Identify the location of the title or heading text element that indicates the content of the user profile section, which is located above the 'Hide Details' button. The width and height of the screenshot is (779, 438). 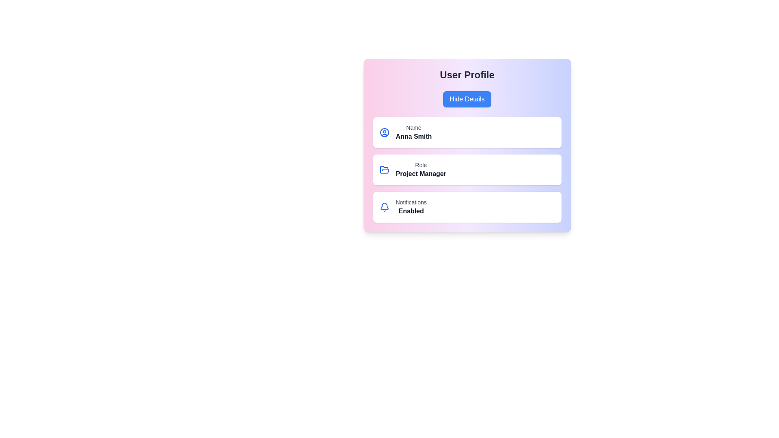
(467, 75).